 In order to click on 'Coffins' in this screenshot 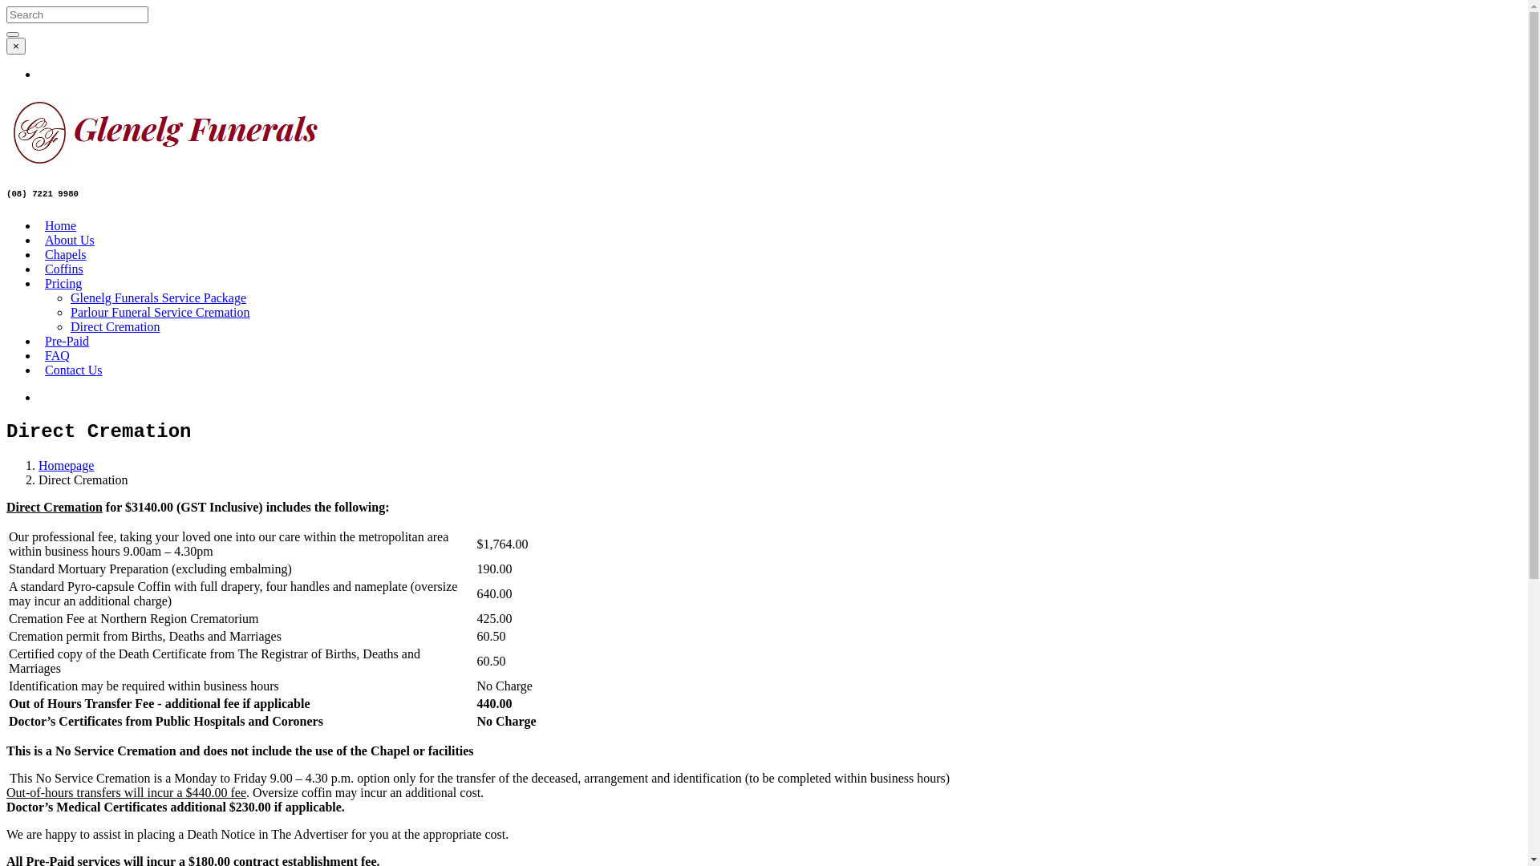, I will do `click(45, 268)`.